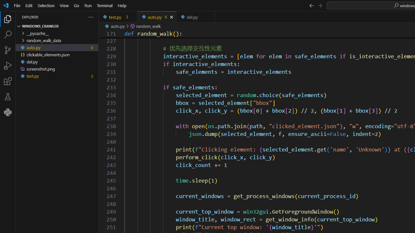  Describe the element at coordinates (196, 17) in the screenshot. I see `'del.py'` at that location.